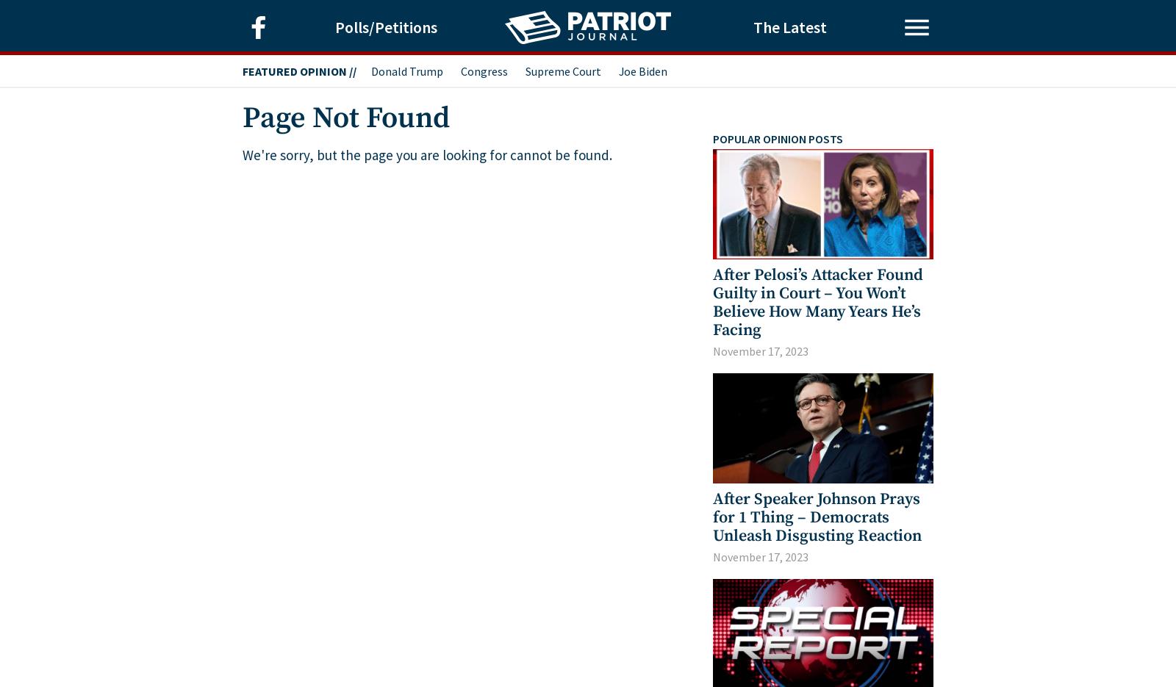 The image size is (1176, 687). Describe the element at coordinates (790, 26) in the screenshot. I see `'The Latest'` at that location.